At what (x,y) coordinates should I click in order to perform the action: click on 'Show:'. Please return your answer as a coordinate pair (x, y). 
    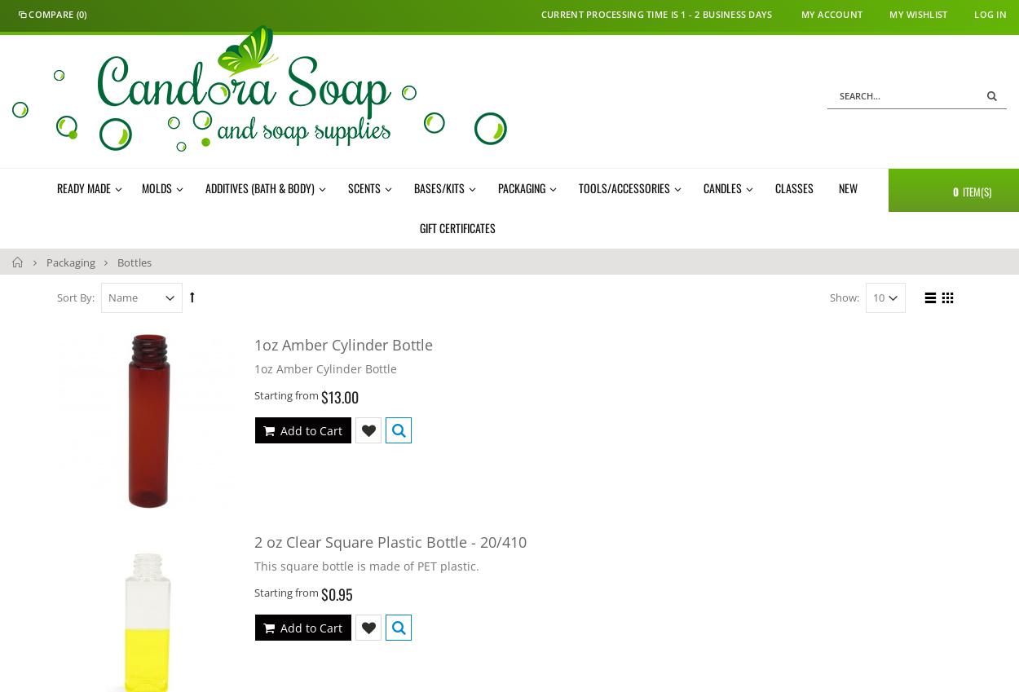
    Looking at the image, I should click on (830, 296).